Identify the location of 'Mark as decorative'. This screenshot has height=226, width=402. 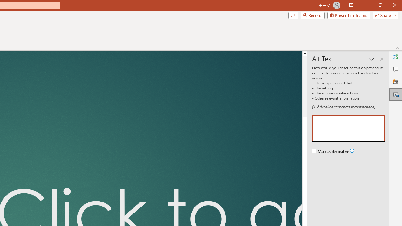
(331, 152).